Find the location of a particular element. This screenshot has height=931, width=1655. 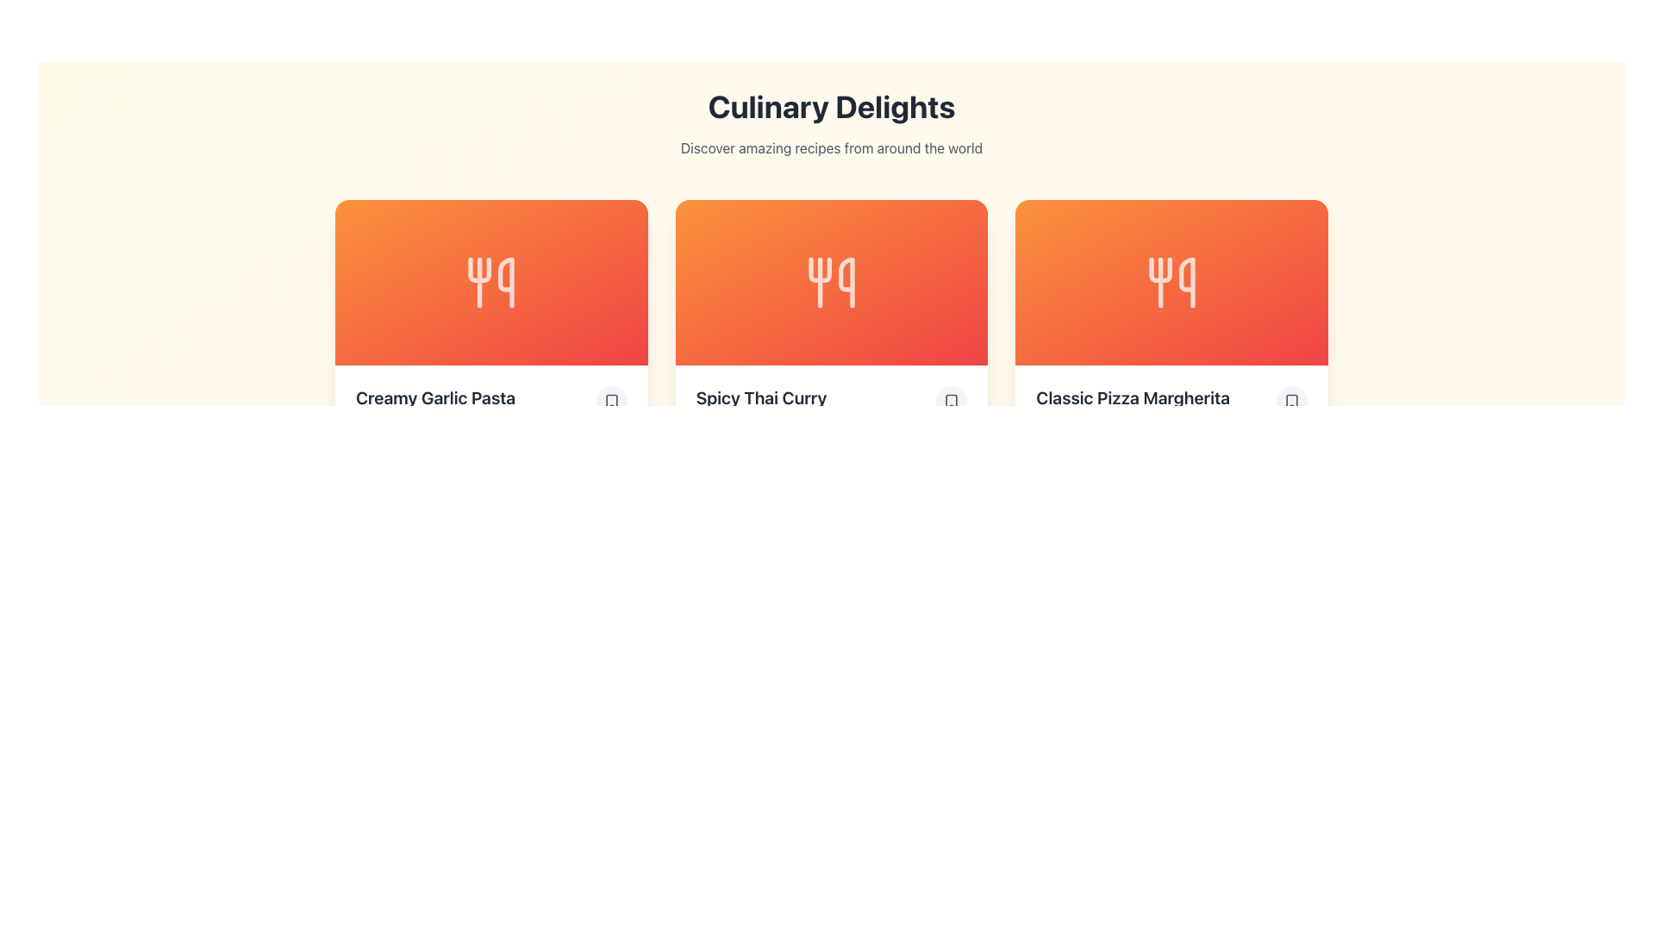

the SVG icon representing the food category within the 'Creamy Garlic Pasta' card, which has an orange-to-red gradient background is located at coordinates (490, 281).